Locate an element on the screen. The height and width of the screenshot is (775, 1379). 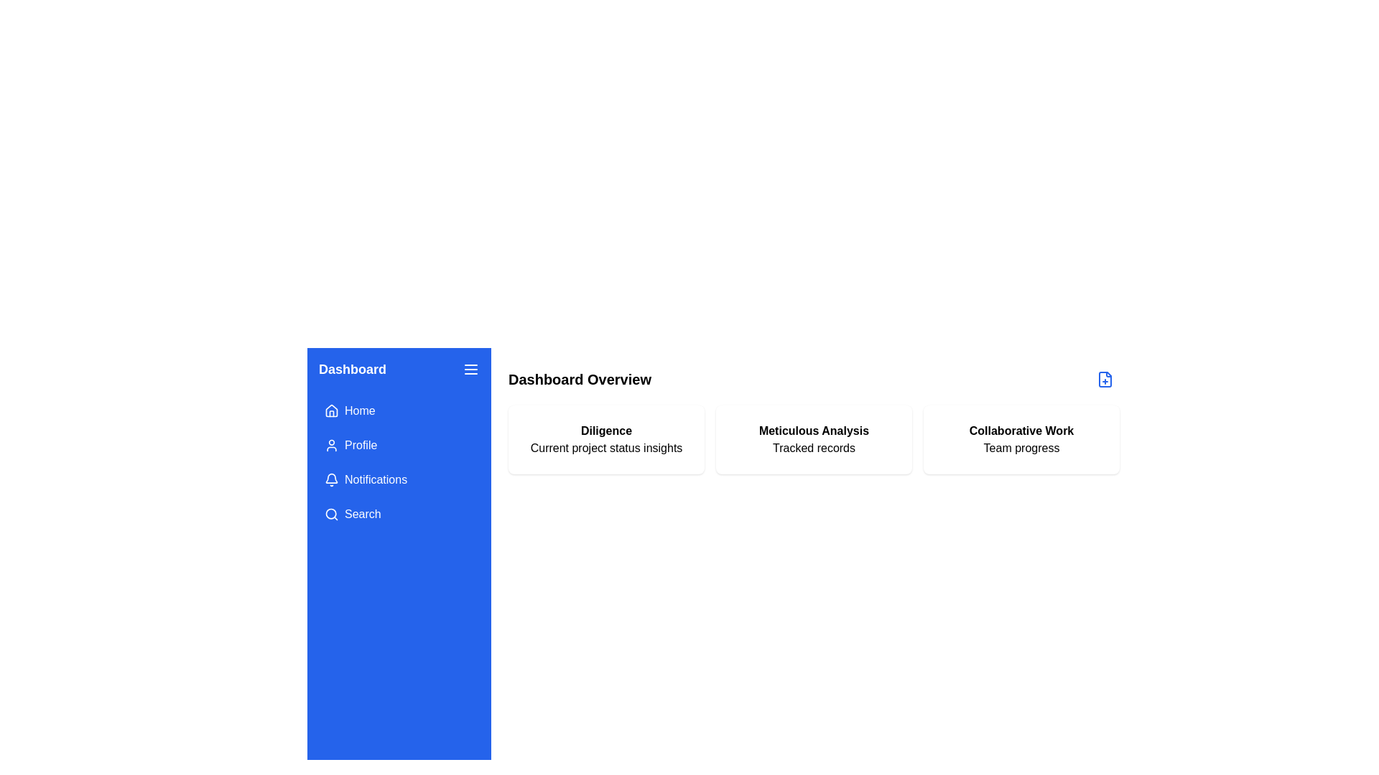
the 'Notifications' menu item, which is the third item in the vertical navigation menu is located at coordinates (399, 479).